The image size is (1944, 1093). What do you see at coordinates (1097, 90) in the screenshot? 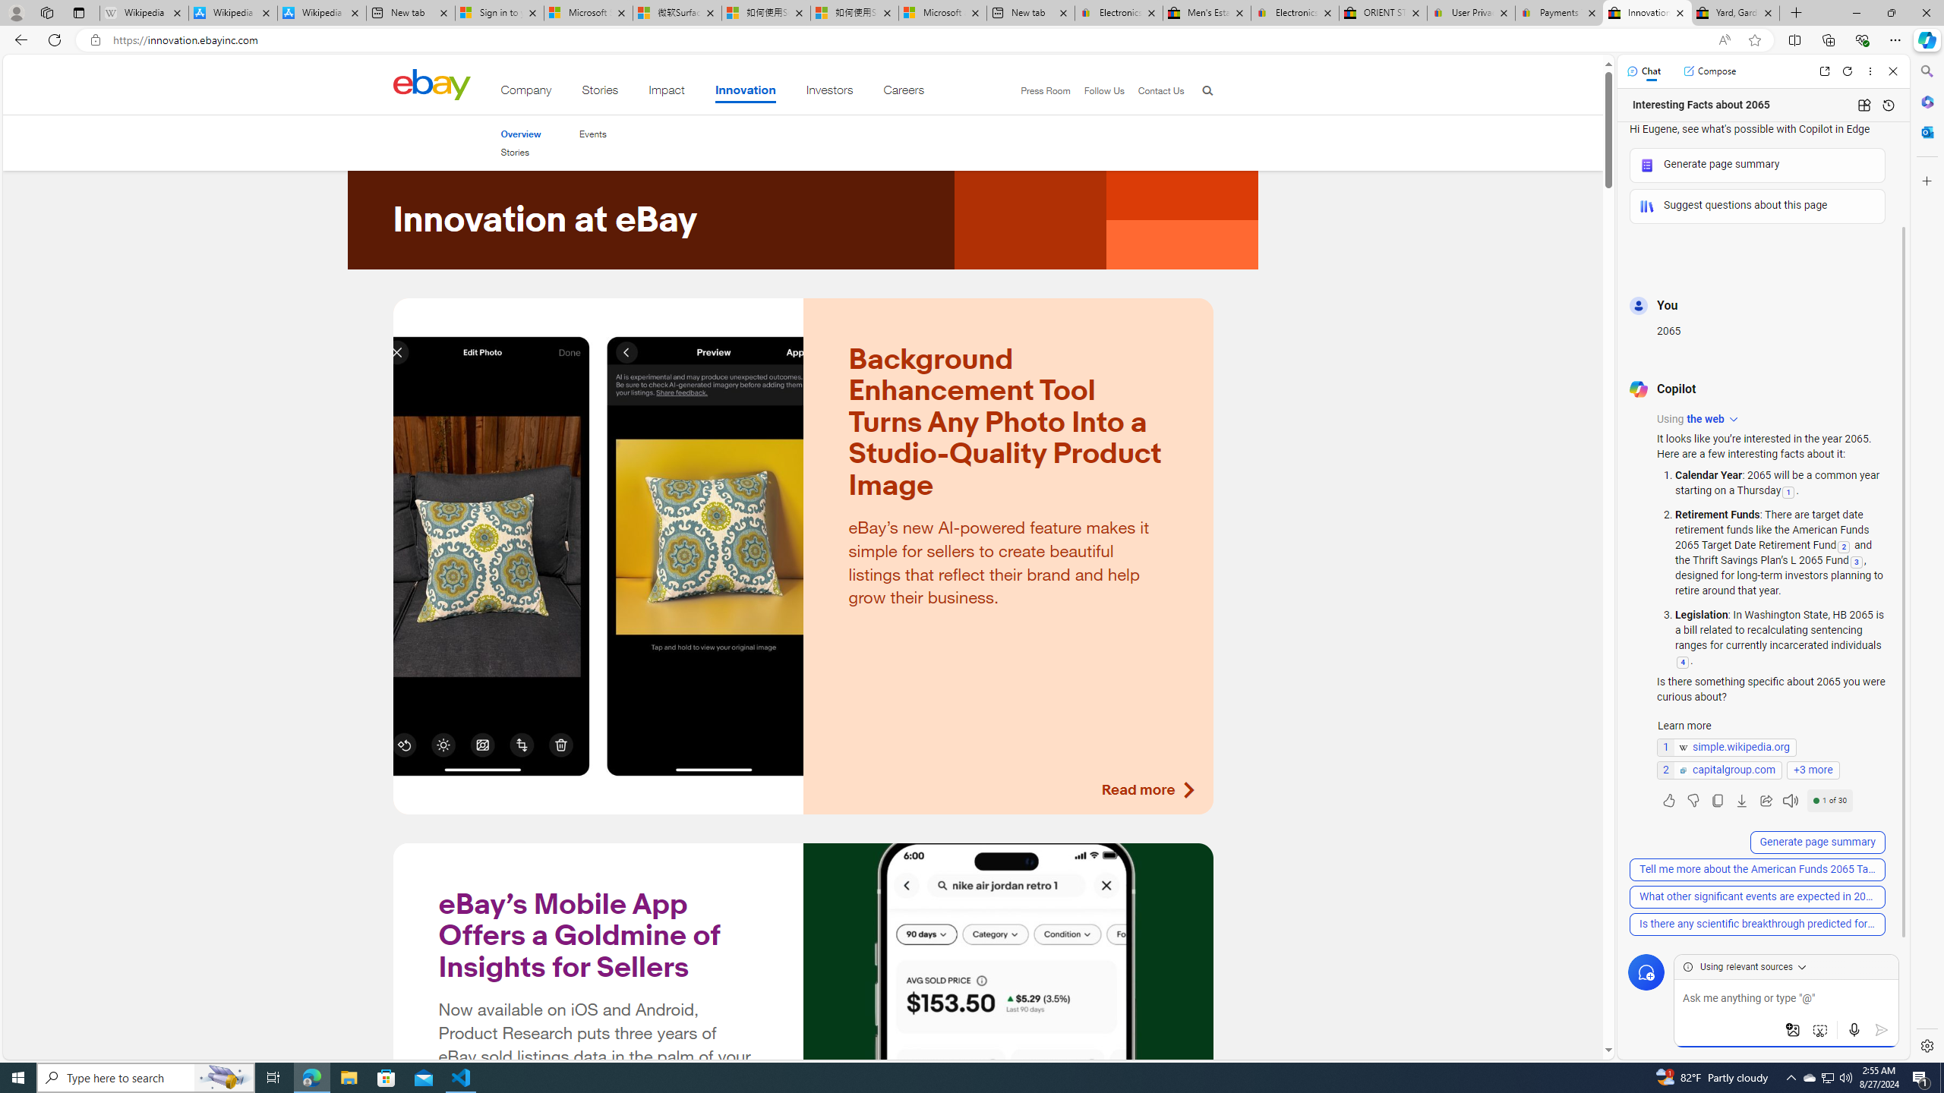
I see `'Follow Us'` at bounding box center [1097, 90].